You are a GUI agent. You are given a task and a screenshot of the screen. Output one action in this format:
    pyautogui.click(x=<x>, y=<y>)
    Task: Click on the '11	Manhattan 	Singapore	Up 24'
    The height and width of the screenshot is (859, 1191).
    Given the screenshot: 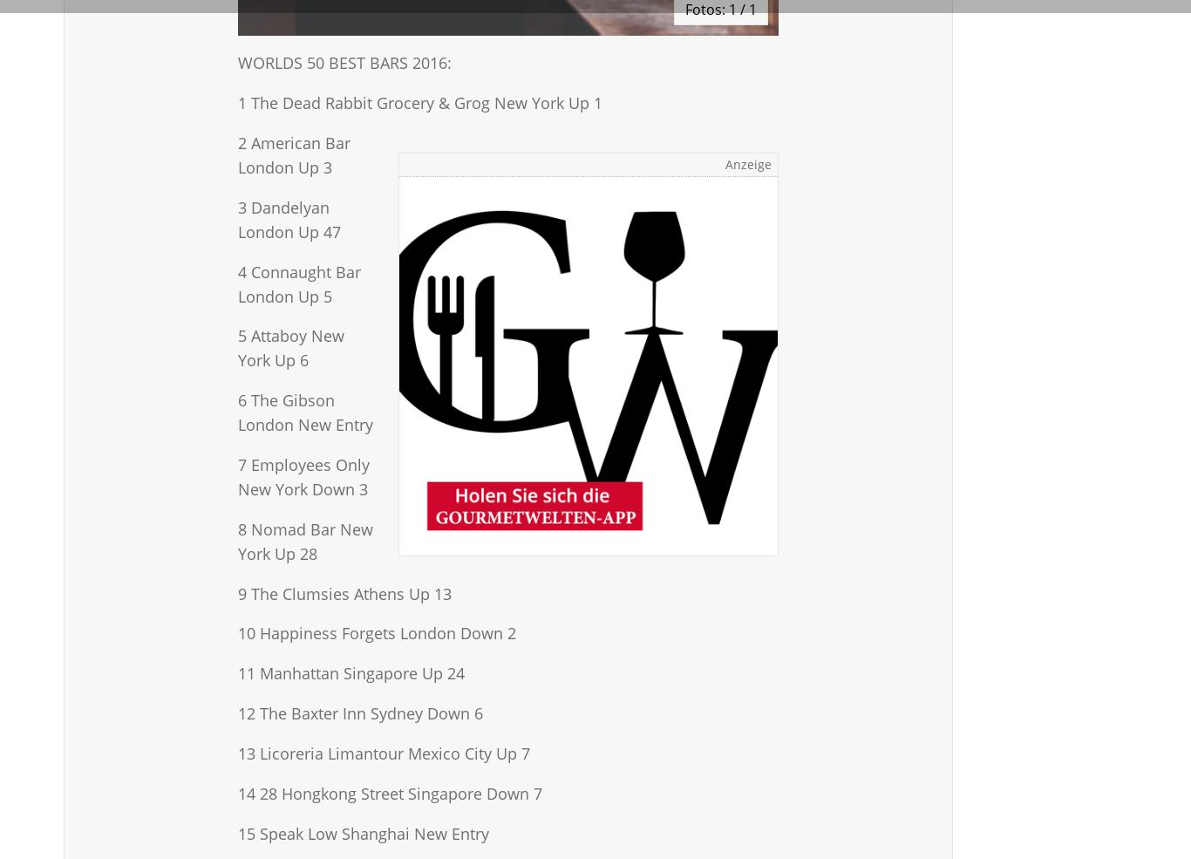 What is the action you would take?
    pyautogui.click(x=350, y=673)
    